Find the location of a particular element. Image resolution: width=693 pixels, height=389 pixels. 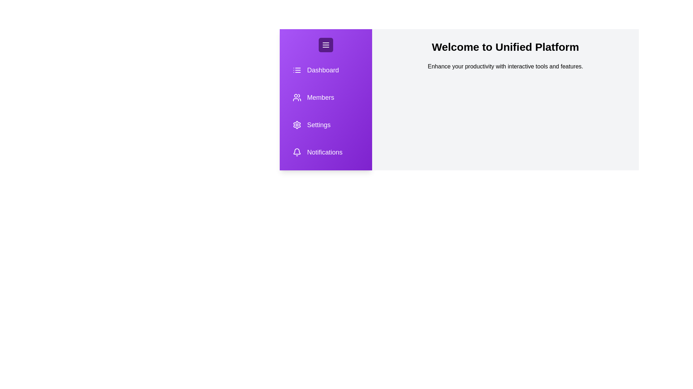

the menu button to toggle the sidebar is located at coordinates (325, 45).